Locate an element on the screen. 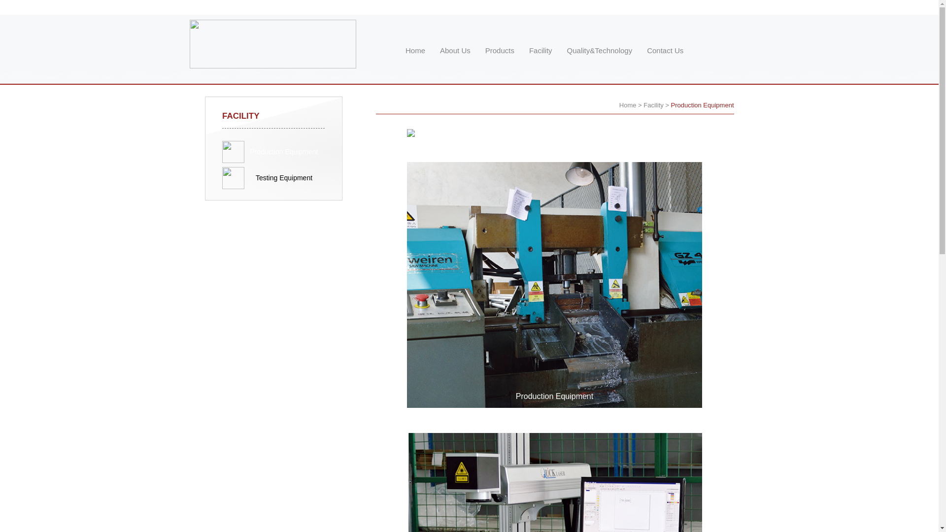 The height and width of the screenshot is (532, 946). 'Contact Us' is located at coordinates (665, 50).